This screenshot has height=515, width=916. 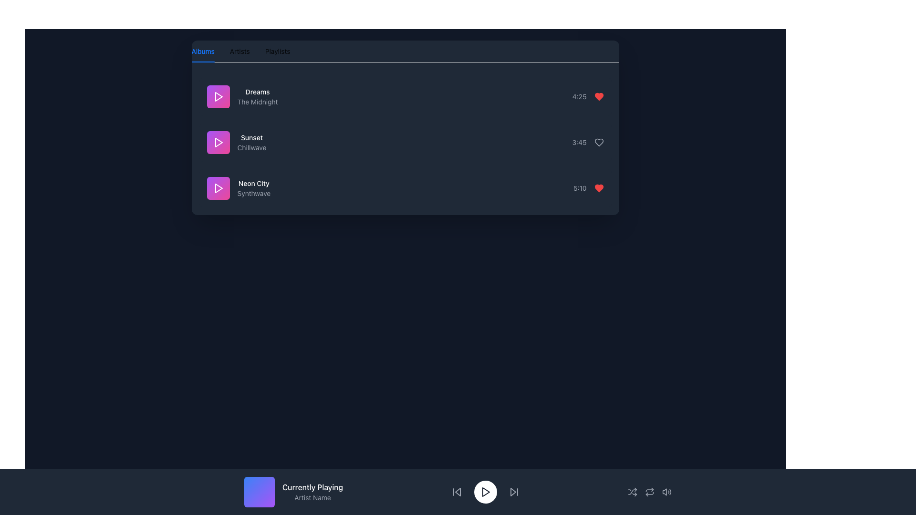 What do you see at coordinates (587, 143) in the screenshot?
I see `timestamp '3:45' displayed in gray font, located beside a heart icon next to the track listing 'Sunset Chillwave'` at bounding box center [587, 143].